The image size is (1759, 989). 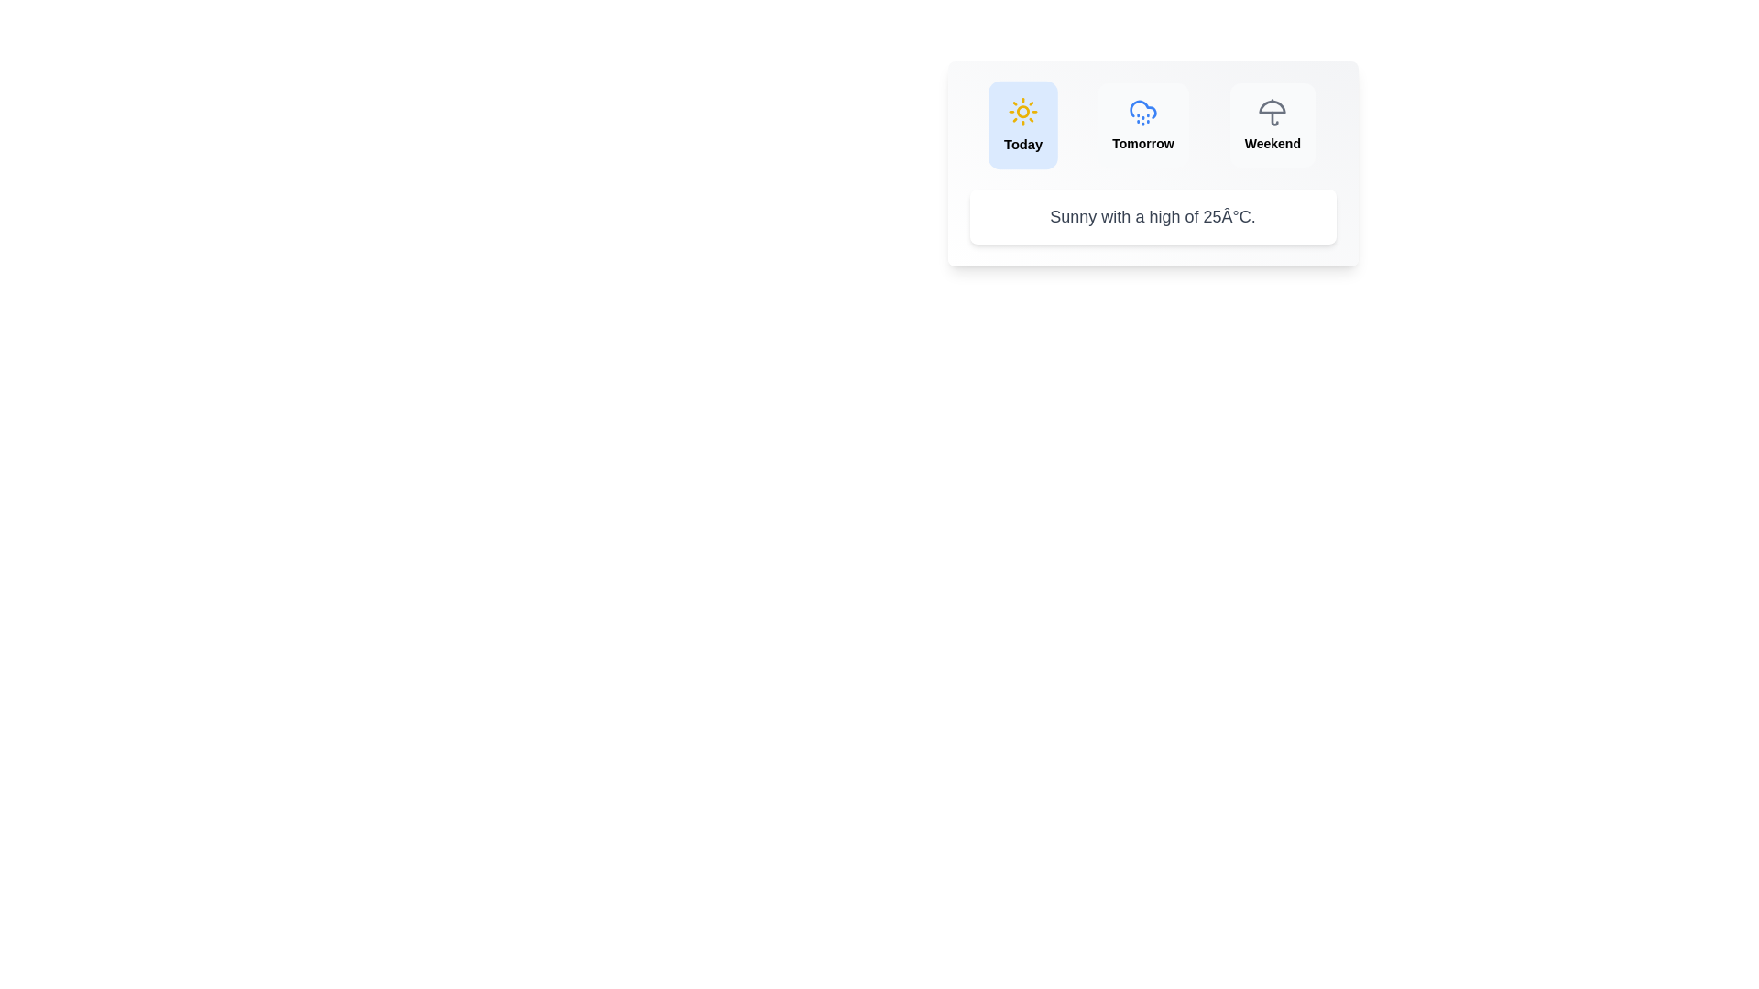 I want to click on the tab labeled Tomorrow to view its weather details, so click(x=1142, y=125).